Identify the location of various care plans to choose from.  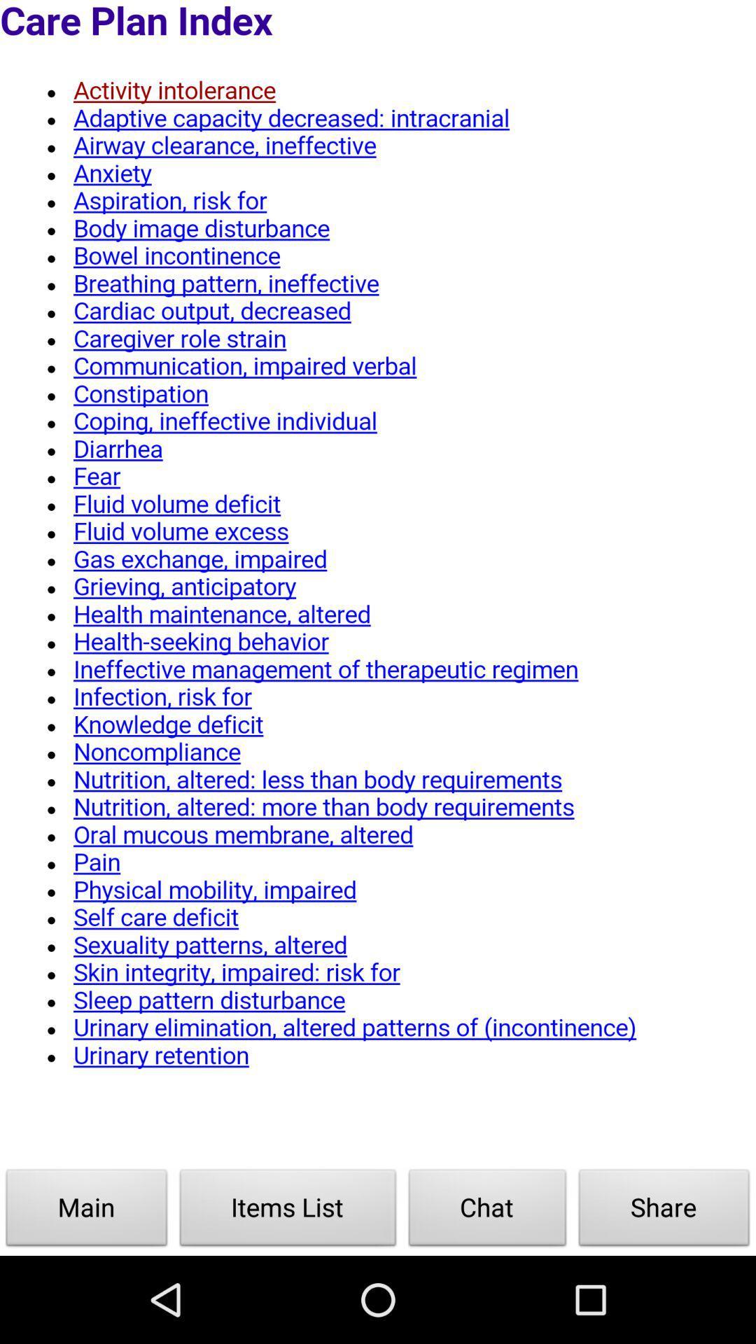
(378, 584).